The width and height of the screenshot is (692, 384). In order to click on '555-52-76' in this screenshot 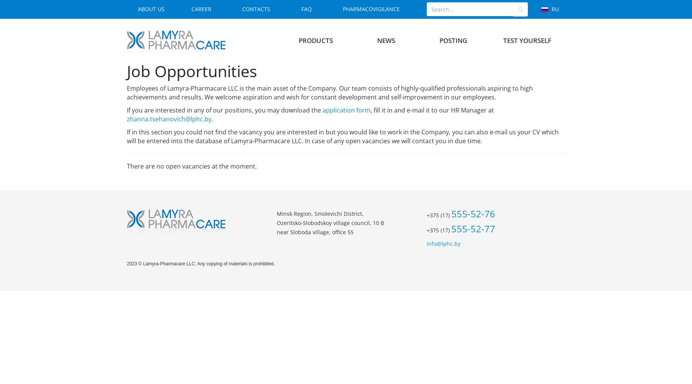, I will do `click(473, 214)`.